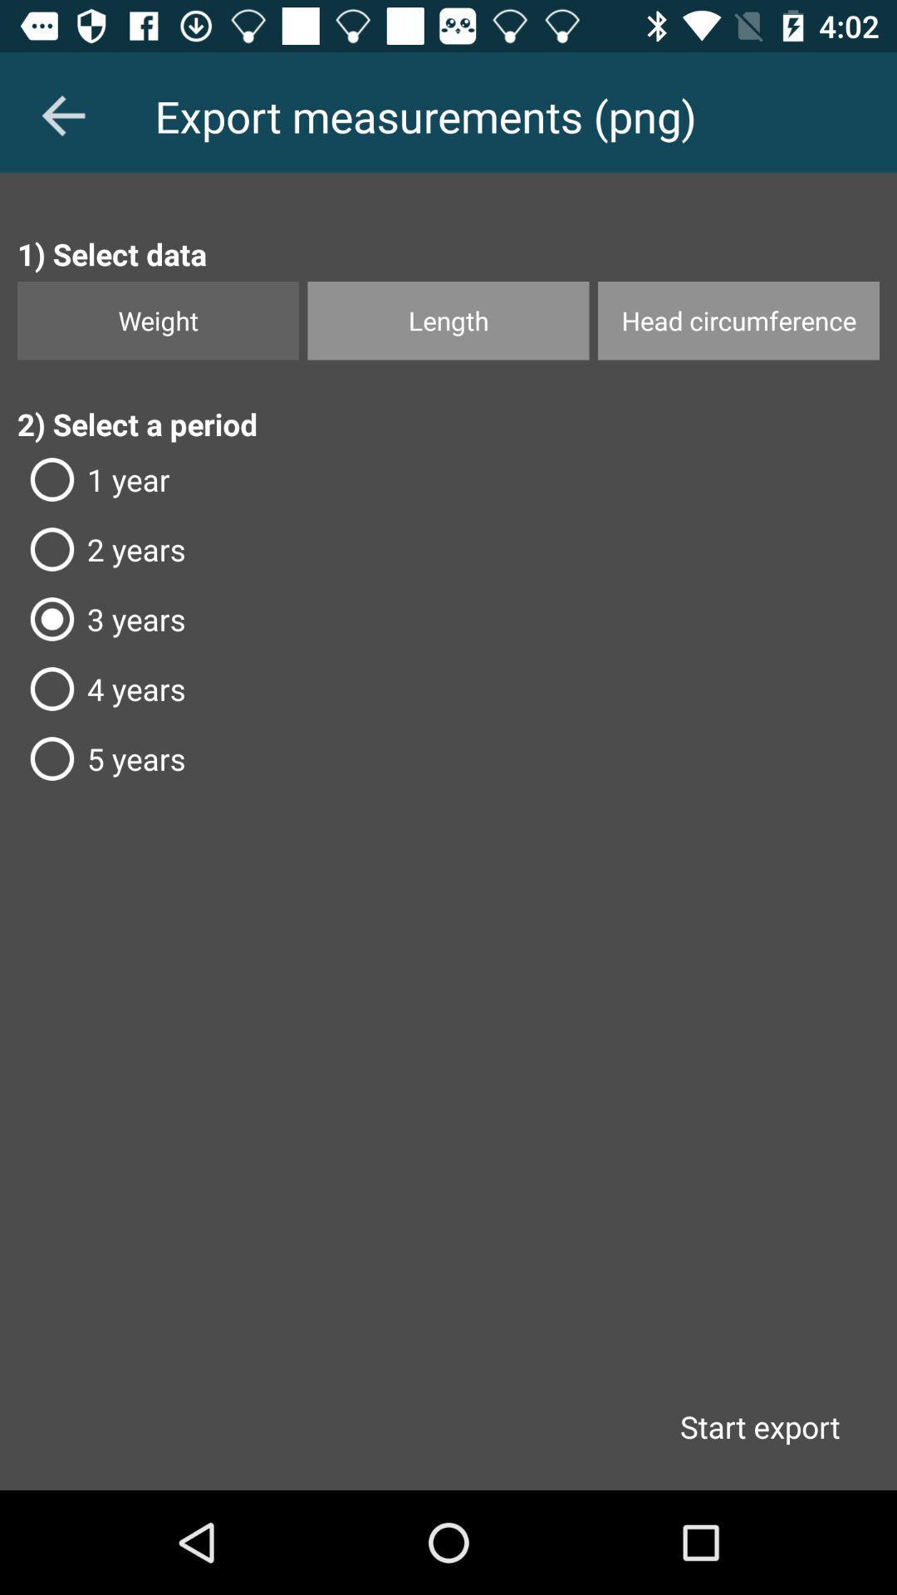 This screenshot has width=897, height=1595. What do you see at coordinates (738, 321) in the screenshot?
I see `item at the top right corner` at bounding box center [738, 321].